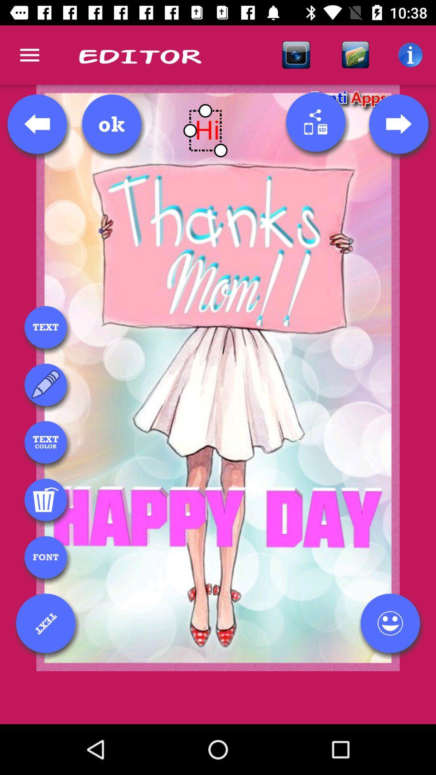 This screenshot has width=436, height=775. Describe the element at coordinates (46, 499) in the screenshot. I see `the delete icon` at that location.